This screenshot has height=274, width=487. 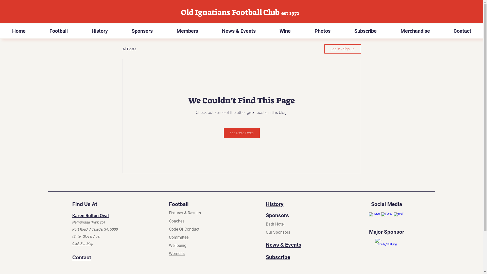 What do you see at coordinates (241, 133) in the screenshot?
I see `'See More Posts'` at bounding box center [241, 133].